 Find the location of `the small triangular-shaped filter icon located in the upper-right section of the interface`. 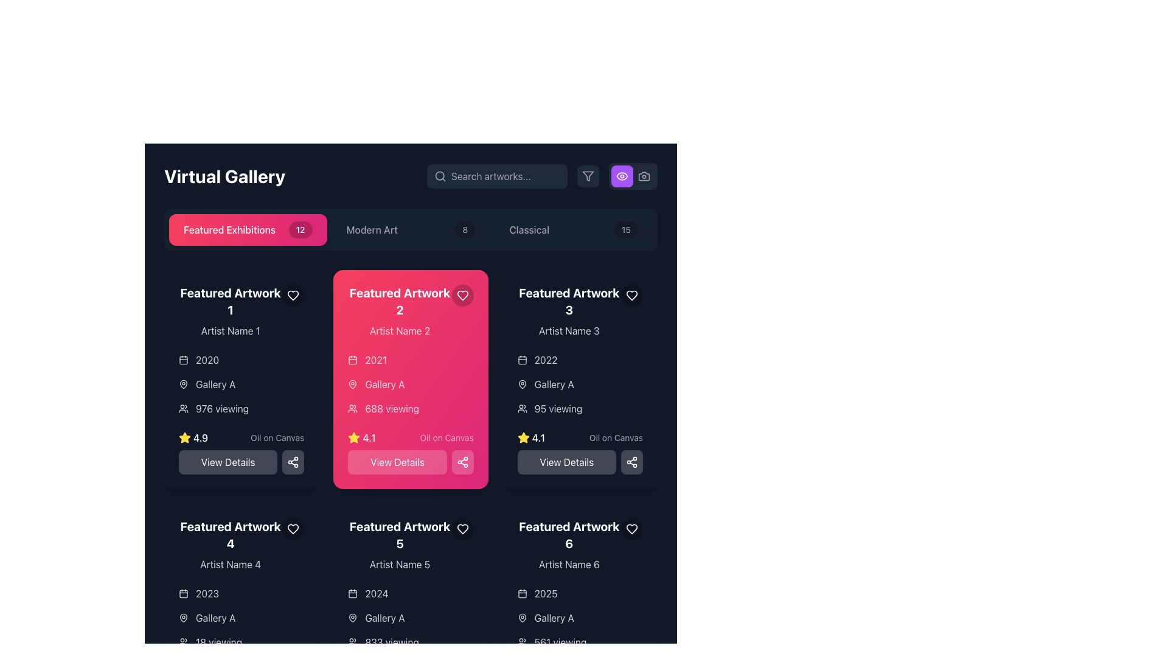

the small triangular-shaped filter icon located in the upper-right section of the interface is located at coordinates (588, 176).